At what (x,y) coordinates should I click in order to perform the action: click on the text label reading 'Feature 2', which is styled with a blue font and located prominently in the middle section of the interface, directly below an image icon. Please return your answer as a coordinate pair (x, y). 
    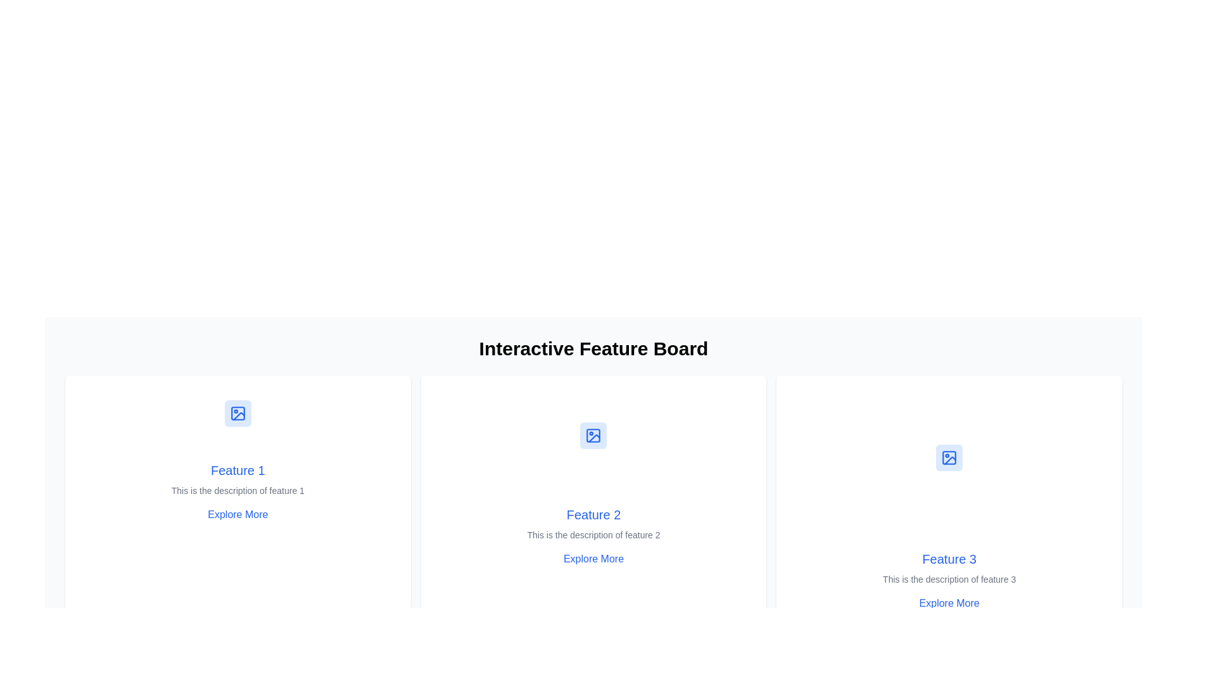
    Looking at the image, I should click on (593, 515).